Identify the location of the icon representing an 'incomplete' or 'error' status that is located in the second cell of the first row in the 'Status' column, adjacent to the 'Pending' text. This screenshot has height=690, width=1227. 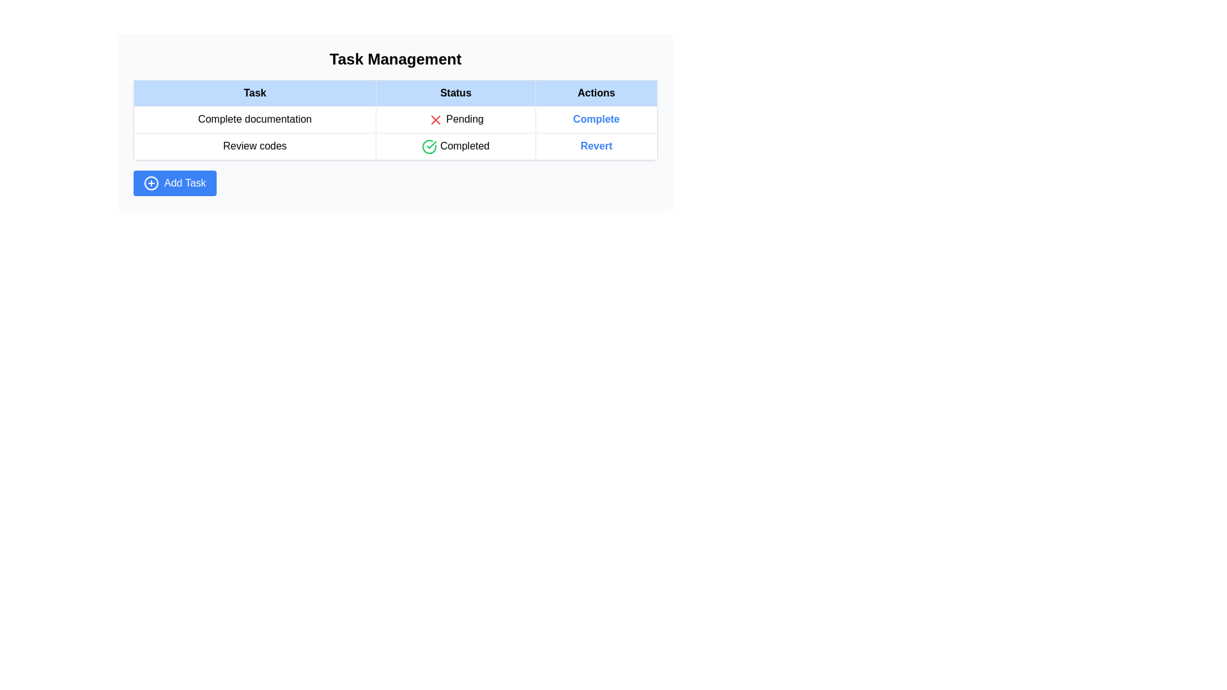
(435, 119).